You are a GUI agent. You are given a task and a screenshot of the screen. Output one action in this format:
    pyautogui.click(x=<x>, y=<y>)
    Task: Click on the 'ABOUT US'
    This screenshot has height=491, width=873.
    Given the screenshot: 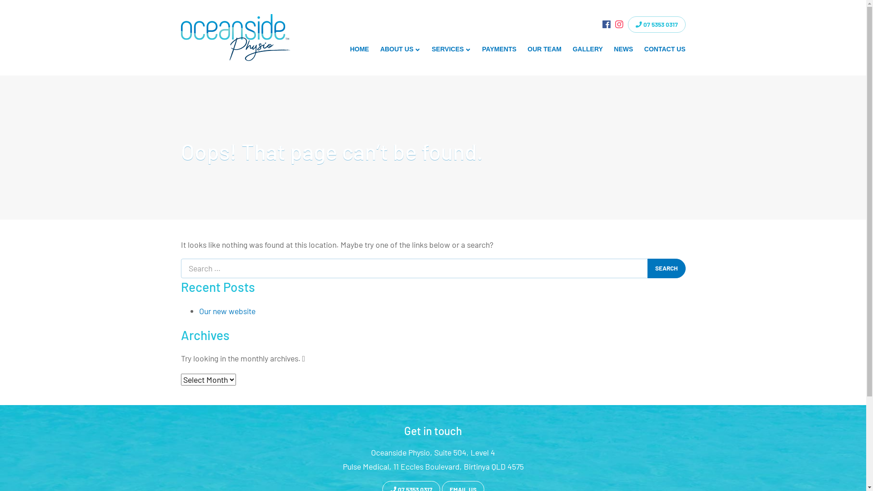 What is the action you would take?
    pyautogui.click(x=400, y=49)
    